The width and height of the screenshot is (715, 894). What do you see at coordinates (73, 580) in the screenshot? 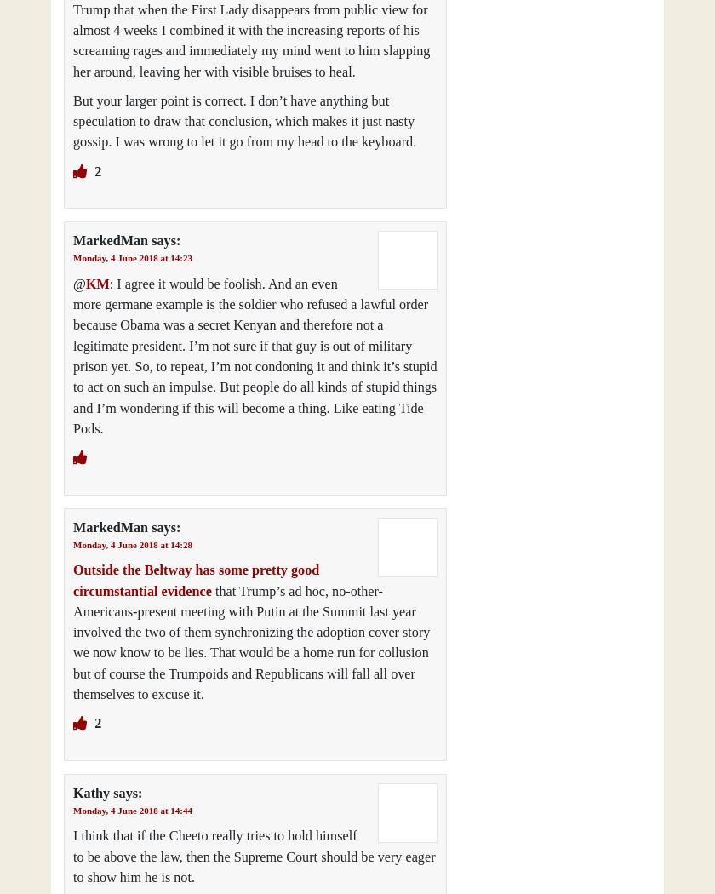
I see `'Outside the Beltway has some pretty good circumstantial evidence'` at bounding box center [73, 580].